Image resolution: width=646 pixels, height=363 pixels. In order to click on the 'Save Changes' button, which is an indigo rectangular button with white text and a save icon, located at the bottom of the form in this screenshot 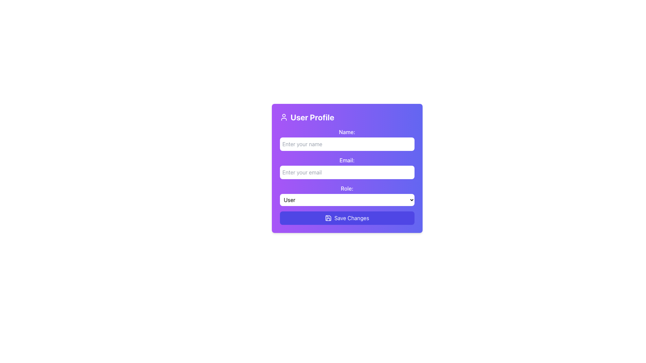, I will do `click(347, 218)`.